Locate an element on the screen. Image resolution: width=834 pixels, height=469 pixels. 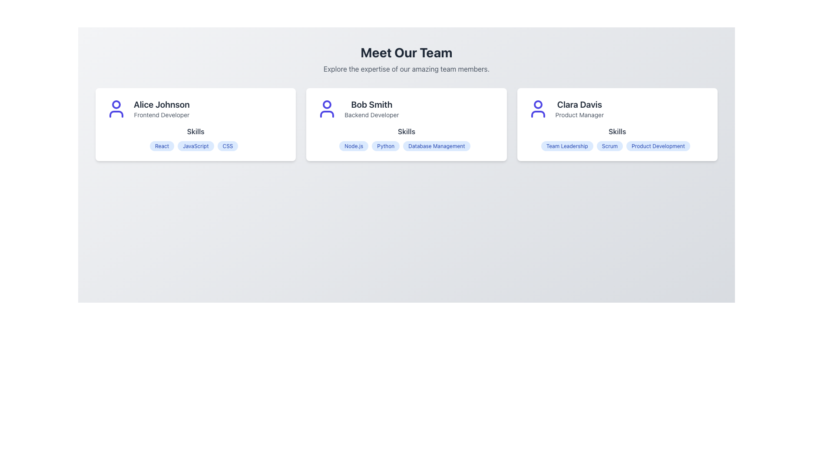
skill name displayed on the first badge or tag labeled 'Node.js' with a light blue background in the 'Skills' section of Bob Smith's profile card is located at coordinates (354, 145).